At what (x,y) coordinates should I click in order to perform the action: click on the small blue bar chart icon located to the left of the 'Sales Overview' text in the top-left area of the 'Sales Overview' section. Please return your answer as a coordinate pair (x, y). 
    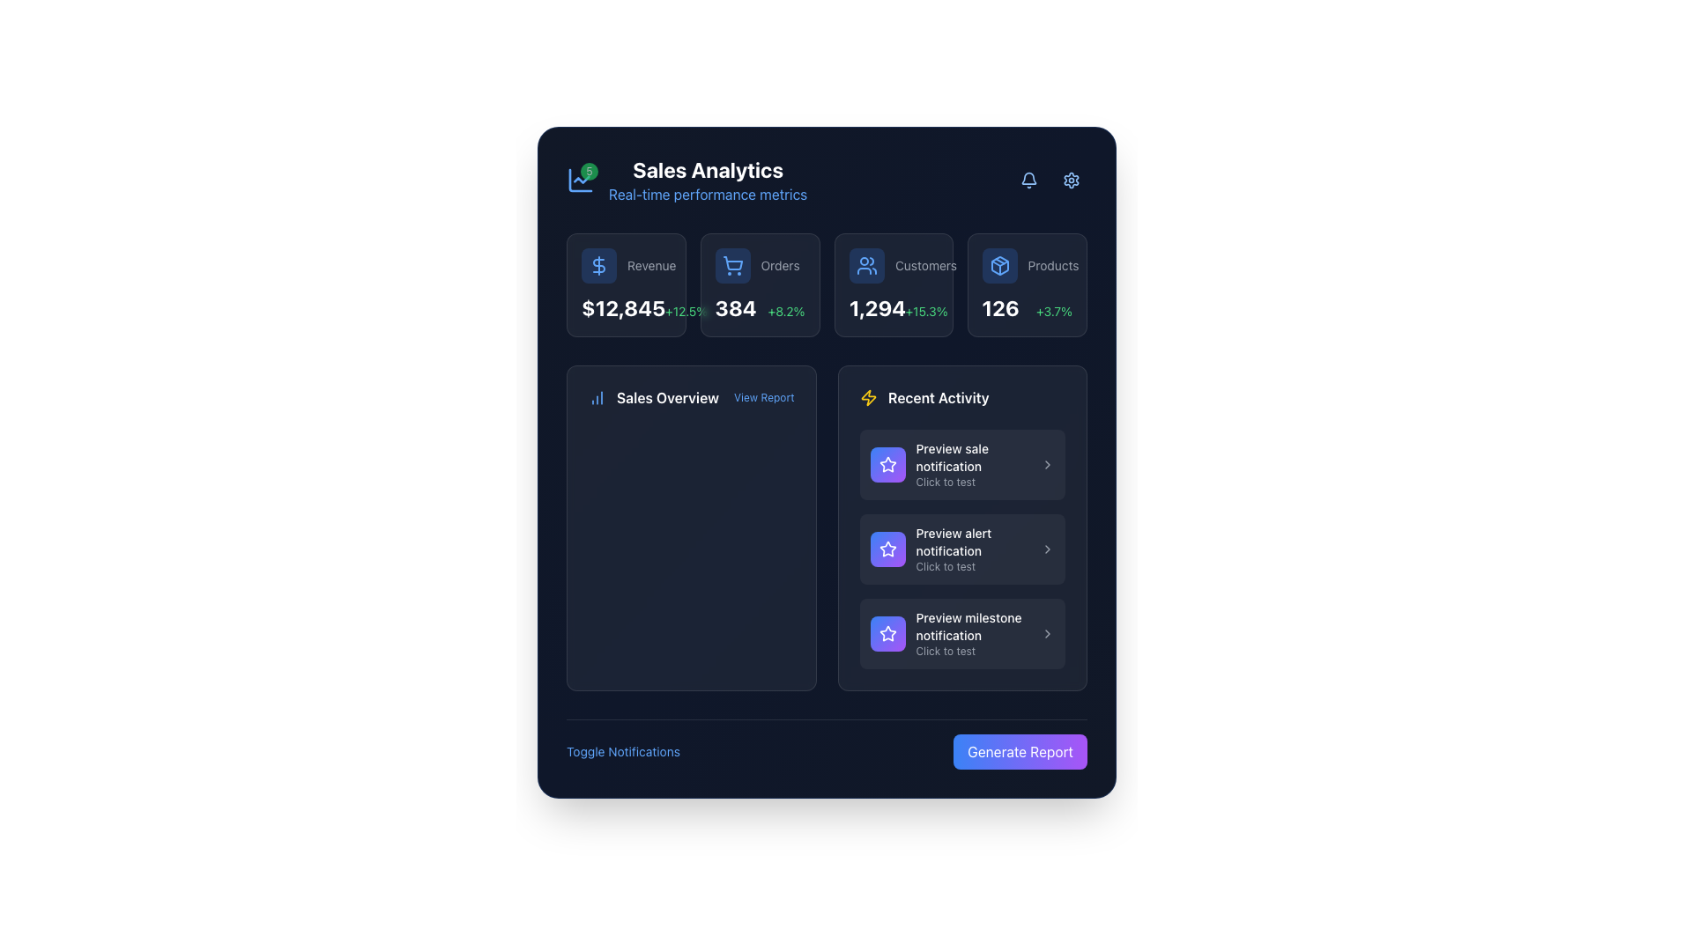
    Looking at the image, I should click on (597, 397).